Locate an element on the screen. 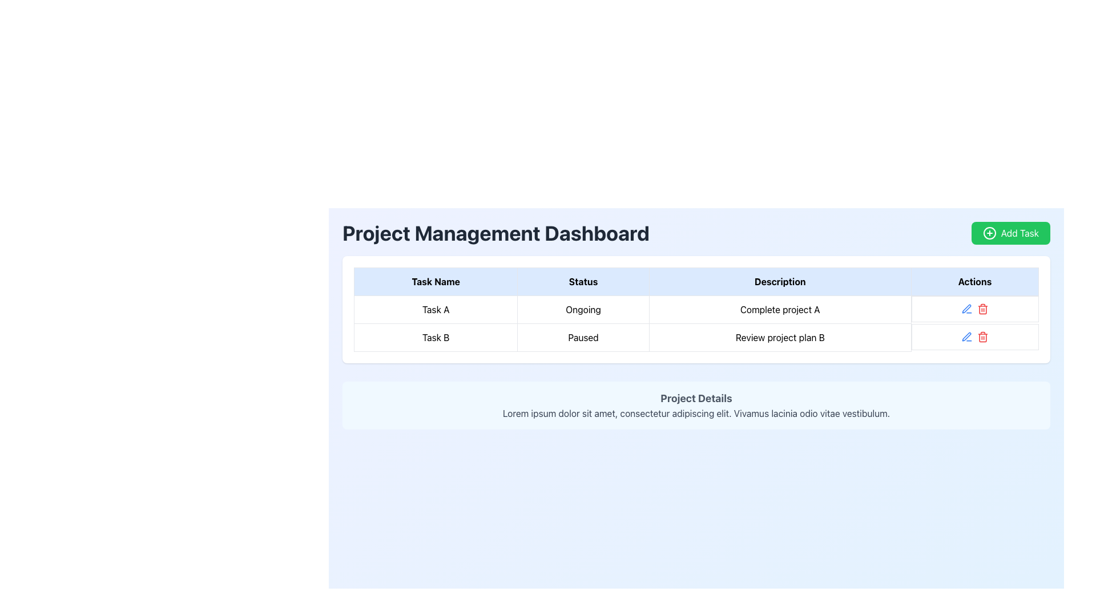 The height and width of the screenshot is (616, 1096). the 'Actions' column header in the table, which is the fourth and rightmost column header, positioned towards the top-right of the table is located at coordinates (974, 281).